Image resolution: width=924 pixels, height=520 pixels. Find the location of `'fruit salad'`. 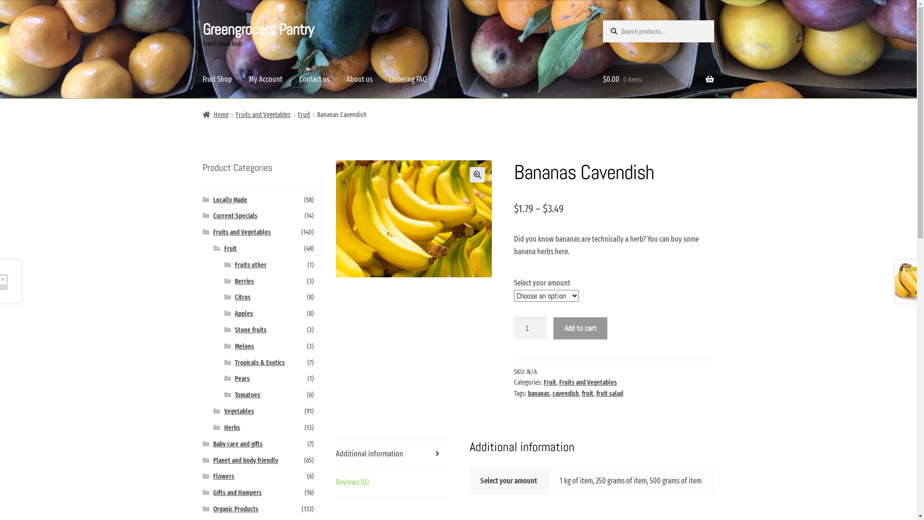

'fruit salad' is located at coordinates (595, 393).